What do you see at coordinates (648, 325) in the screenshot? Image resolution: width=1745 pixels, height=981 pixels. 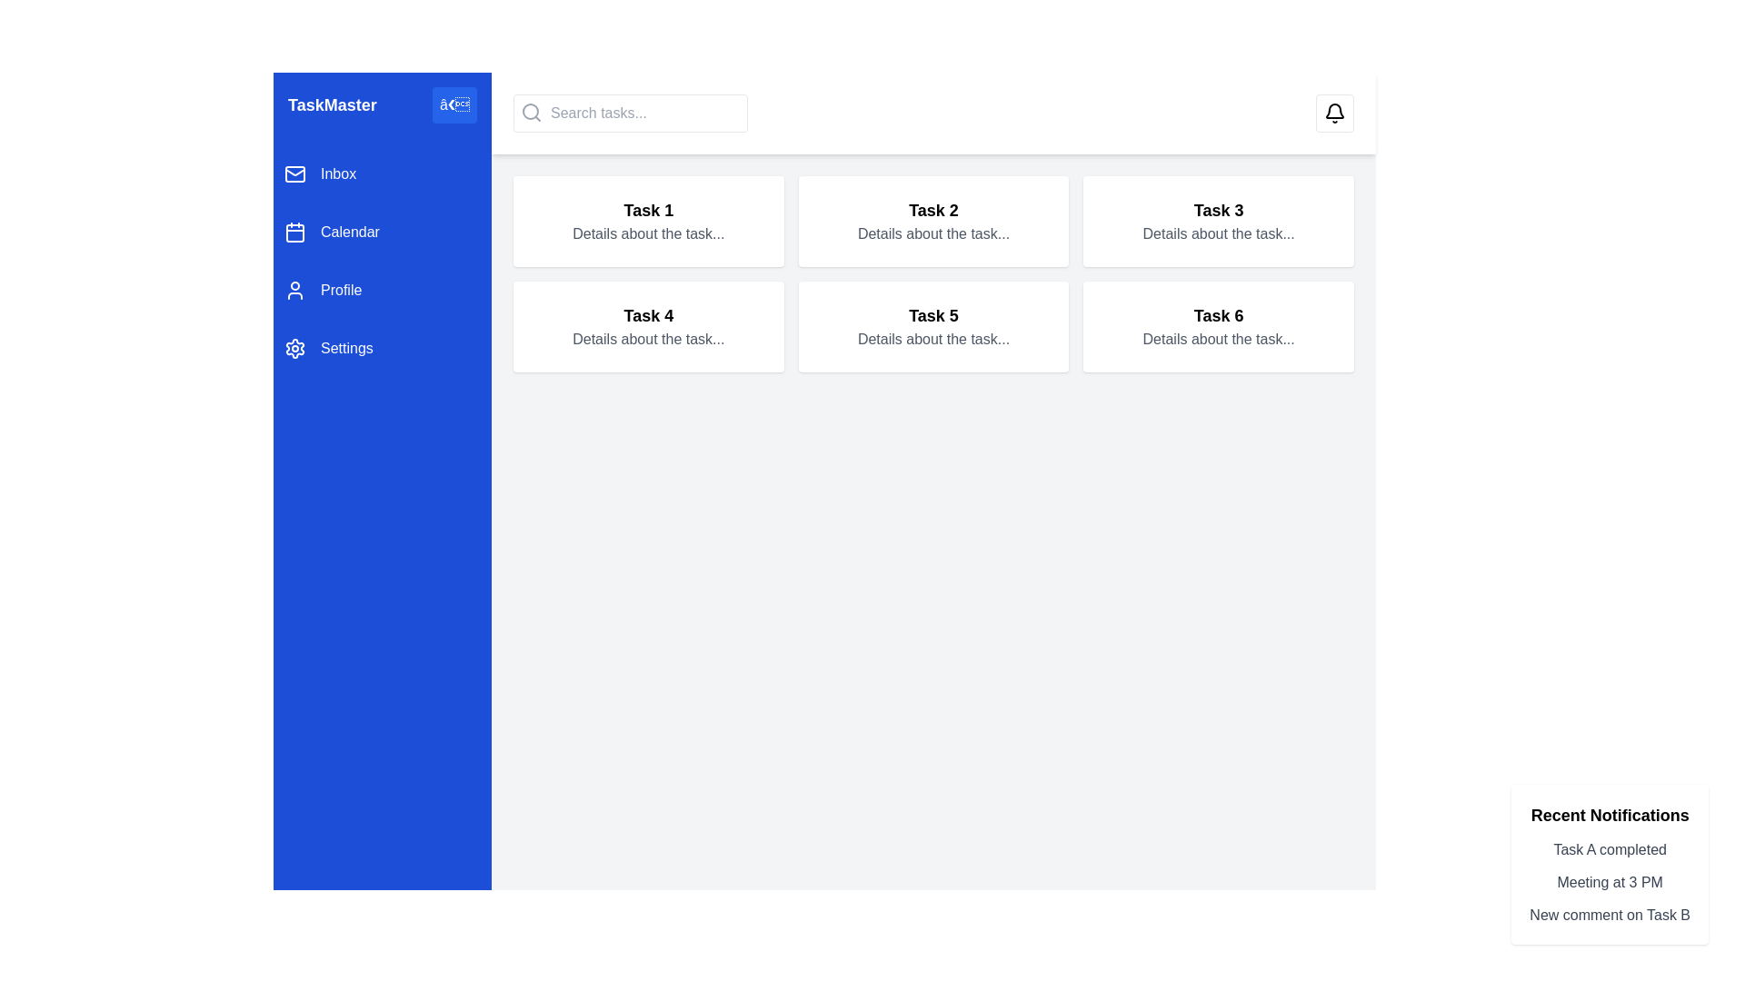 I see `the fourth rectangular card with a white background that contains the text 'Task 4' and 'Details about the task...' located in the second row, first column of the grid` at bounding box center [648, 325].